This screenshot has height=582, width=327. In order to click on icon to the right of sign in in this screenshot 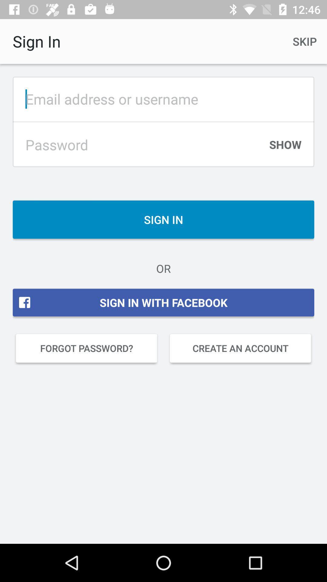, I will do `click(305, 41)`.